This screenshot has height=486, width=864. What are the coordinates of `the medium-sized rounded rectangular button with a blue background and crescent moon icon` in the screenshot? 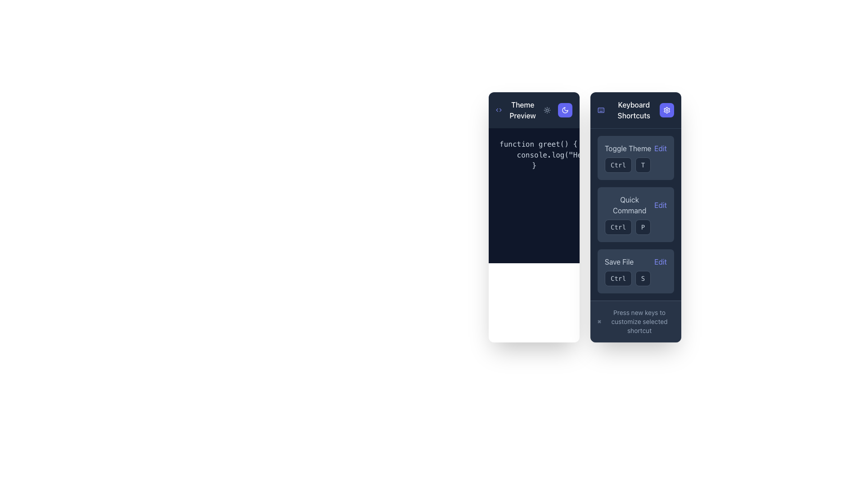 It's located at (565, 110).